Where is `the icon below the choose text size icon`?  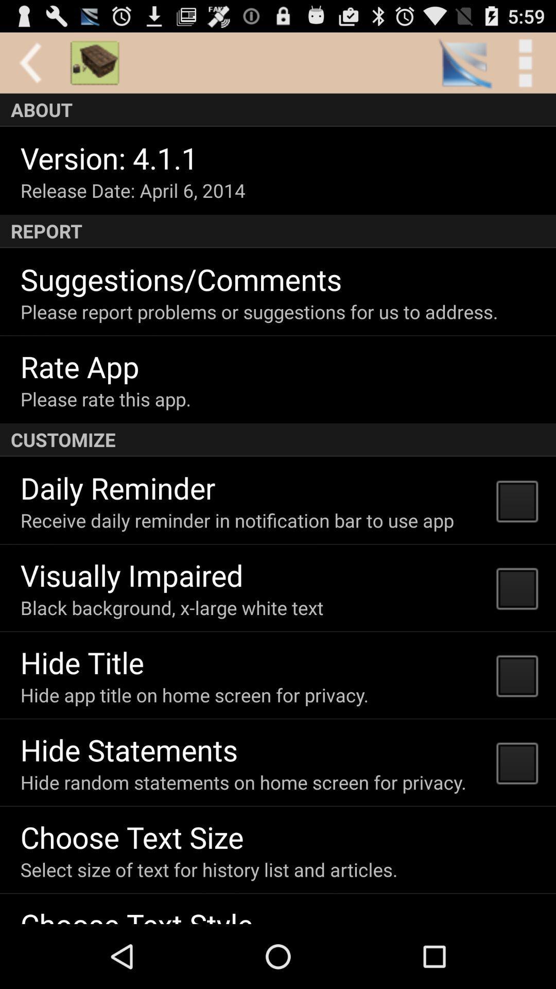 the icon below the choose text size icon is located at coordinates (208, 869).